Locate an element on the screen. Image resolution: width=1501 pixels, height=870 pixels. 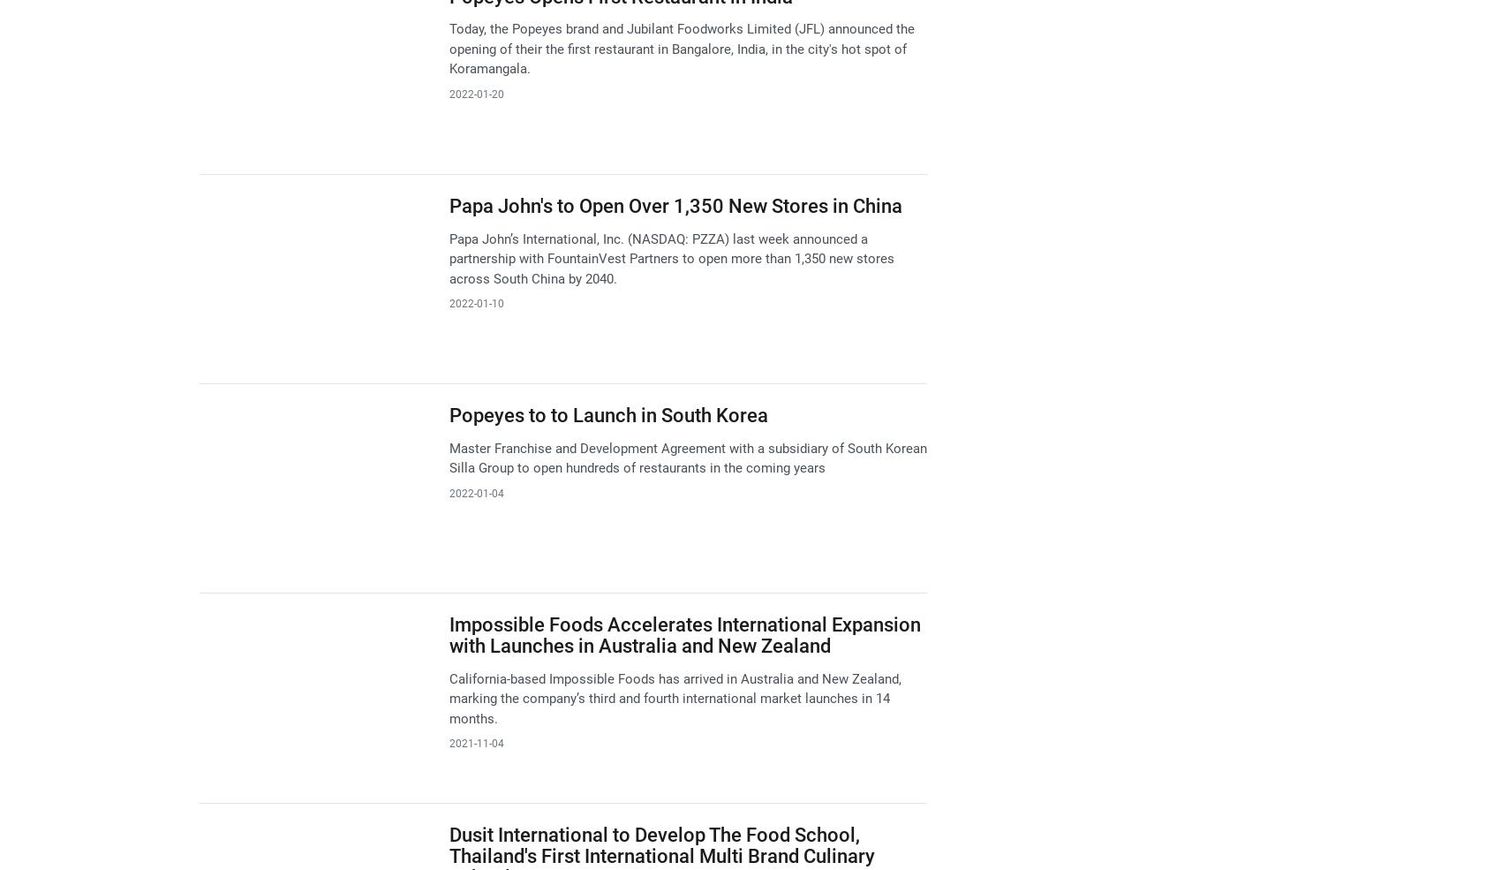
'2022-01-04' is located at coordinates (475, 493).